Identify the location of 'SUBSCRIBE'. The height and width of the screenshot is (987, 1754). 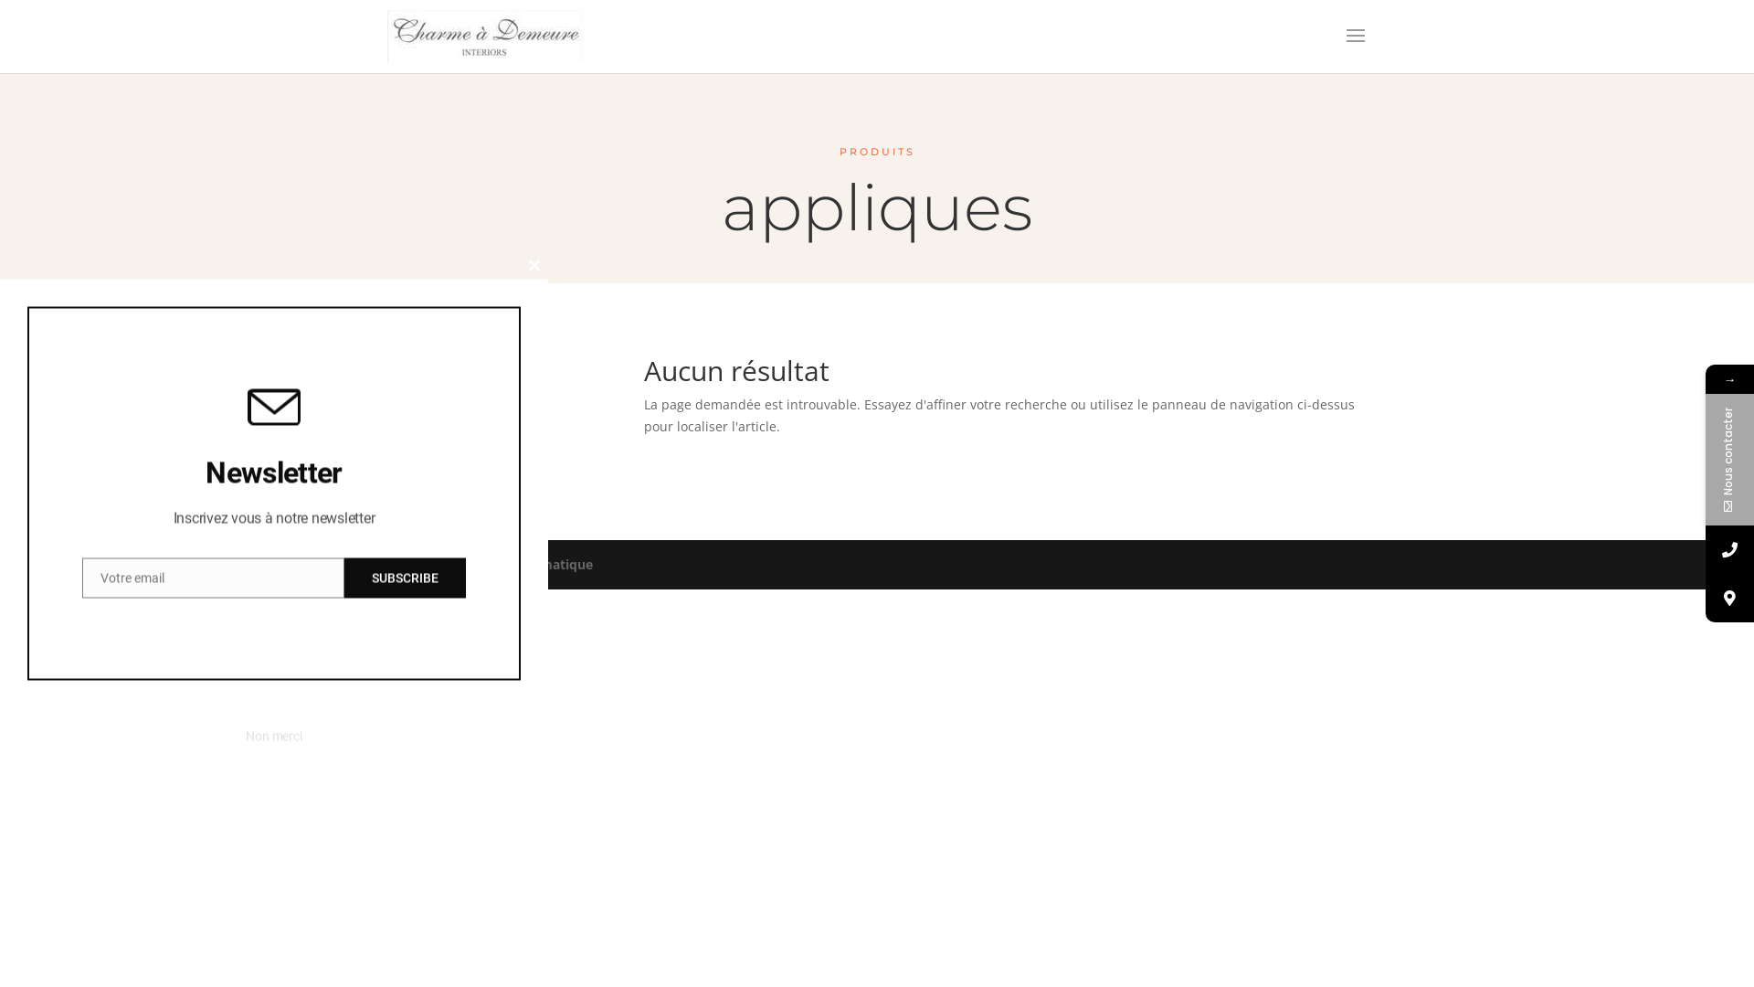
(344, 578).